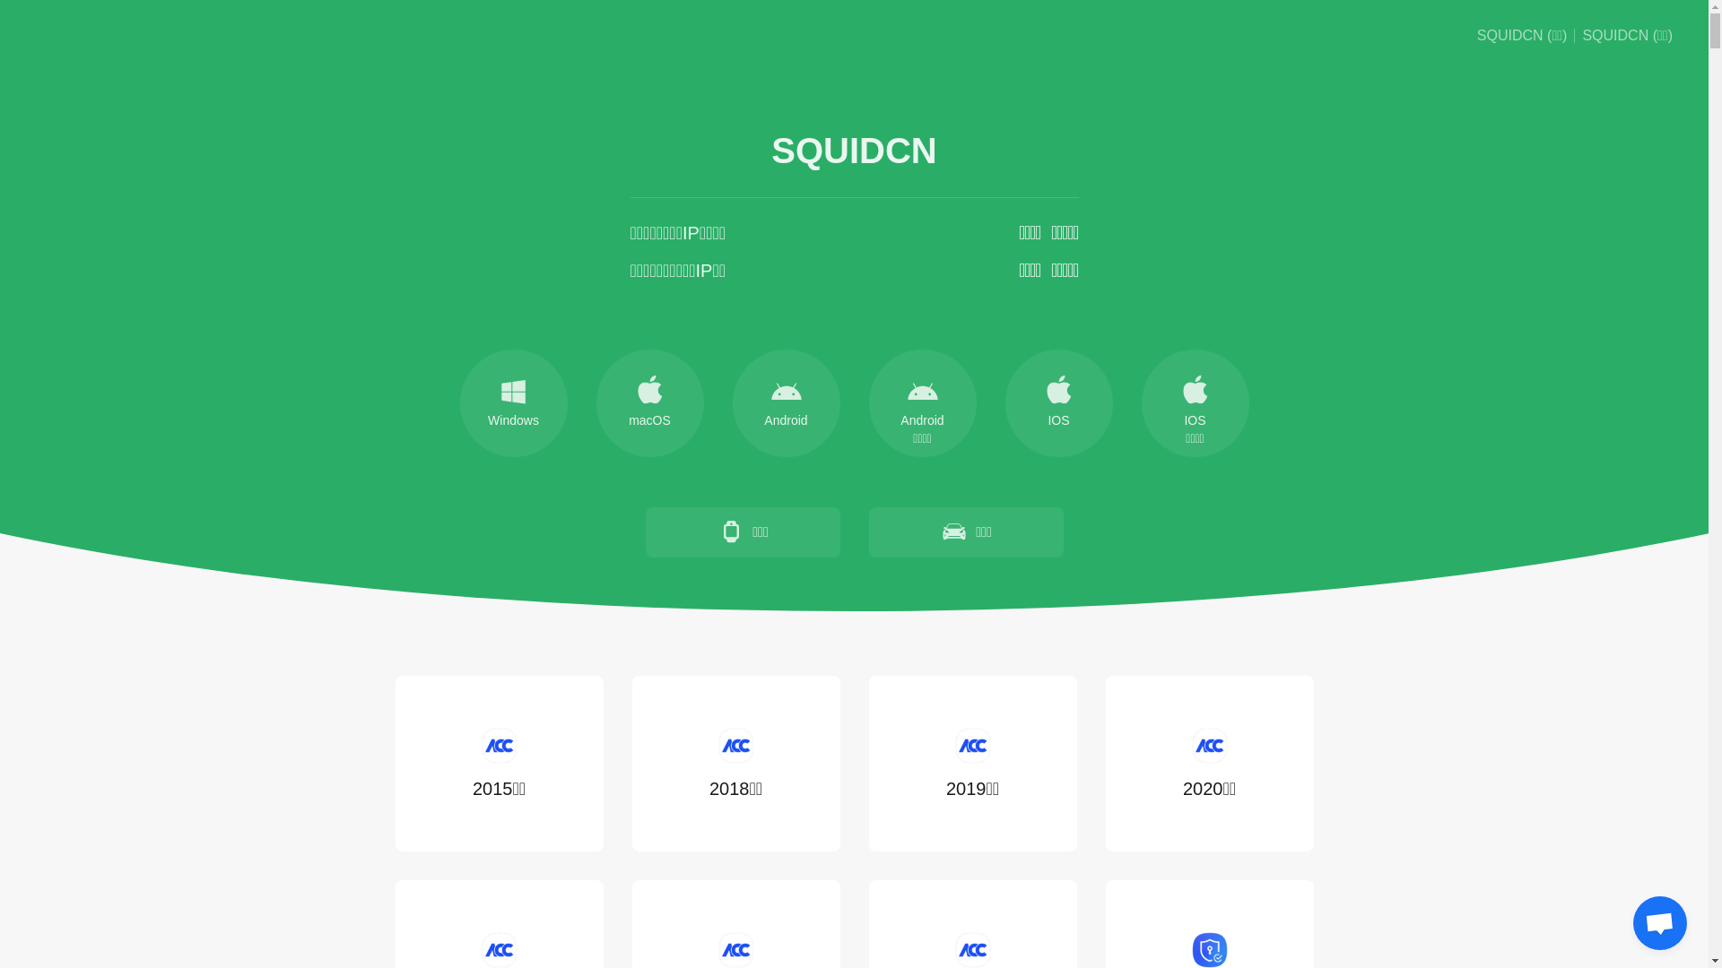 The height and width of the screenshot is (968, 1722). Describe the element at coordinates (595, 403) in the screenshot. I see `'macOS'` at that location.